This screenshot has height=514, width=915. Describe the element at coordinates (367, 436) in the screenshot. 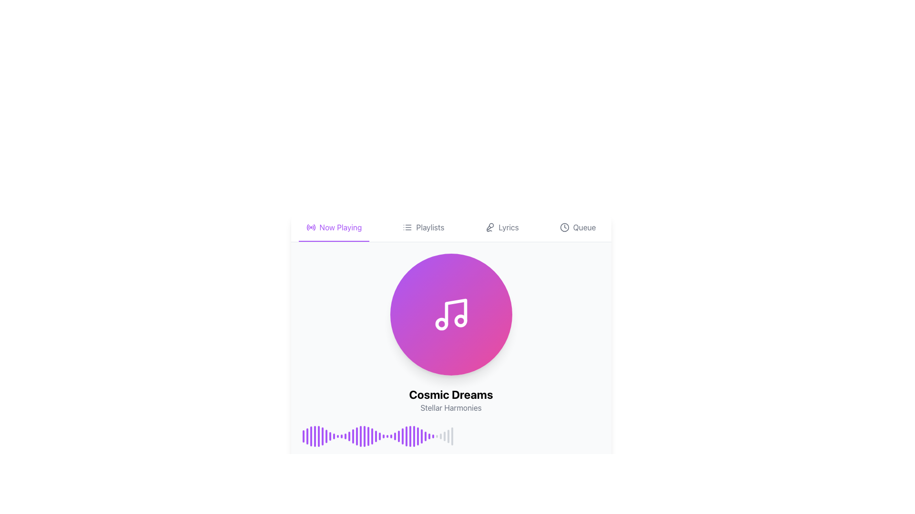

I see `the 18th waveform bar representing audio amplitude beneath the circular music player interface` at that location.